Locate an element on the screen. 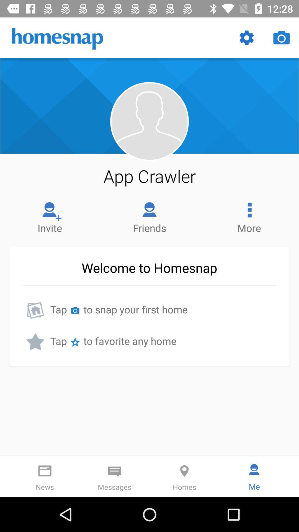 The image size is (299, 532). the more item is located at coordinates (249, 216).